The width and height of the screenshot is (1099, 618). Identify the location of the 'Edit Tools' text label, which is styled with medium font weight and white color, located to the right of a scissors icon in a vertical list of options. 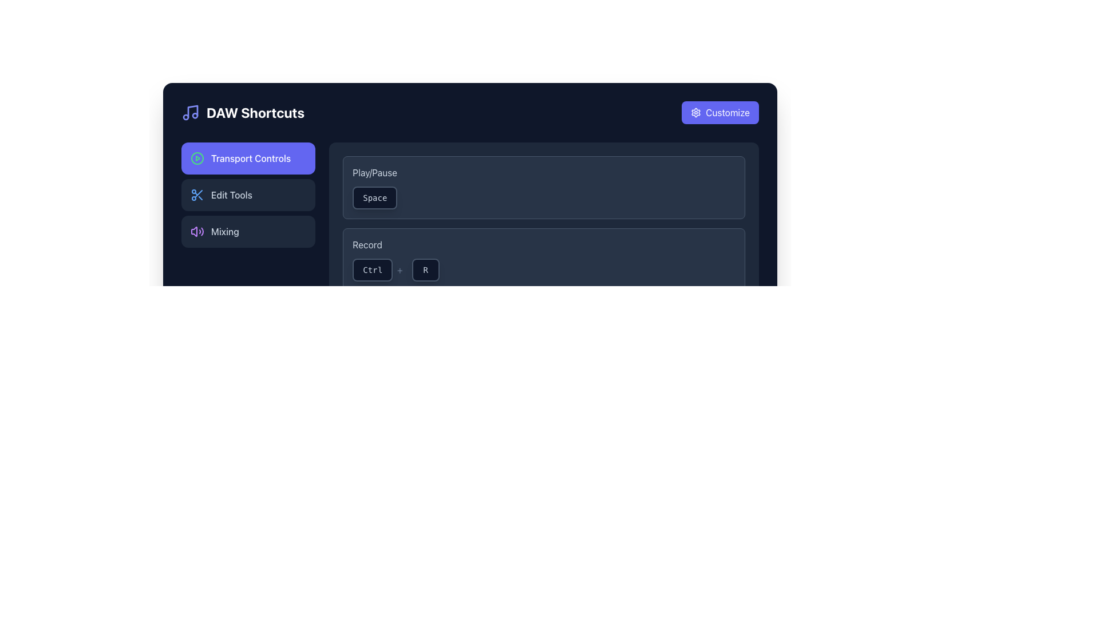
(231, 194).